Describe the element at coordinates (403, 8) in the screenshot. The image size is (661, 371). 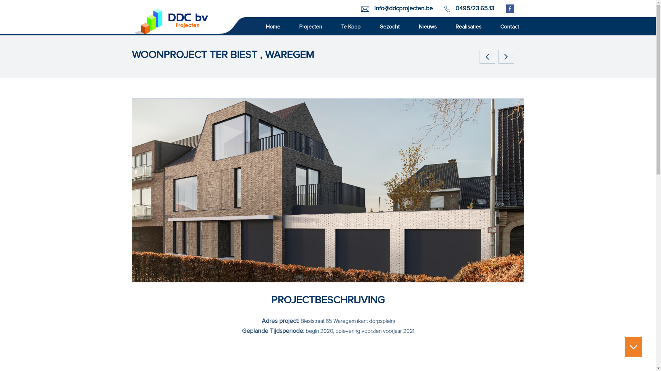
I see `'info@ddcprojecten.be'` at that location.